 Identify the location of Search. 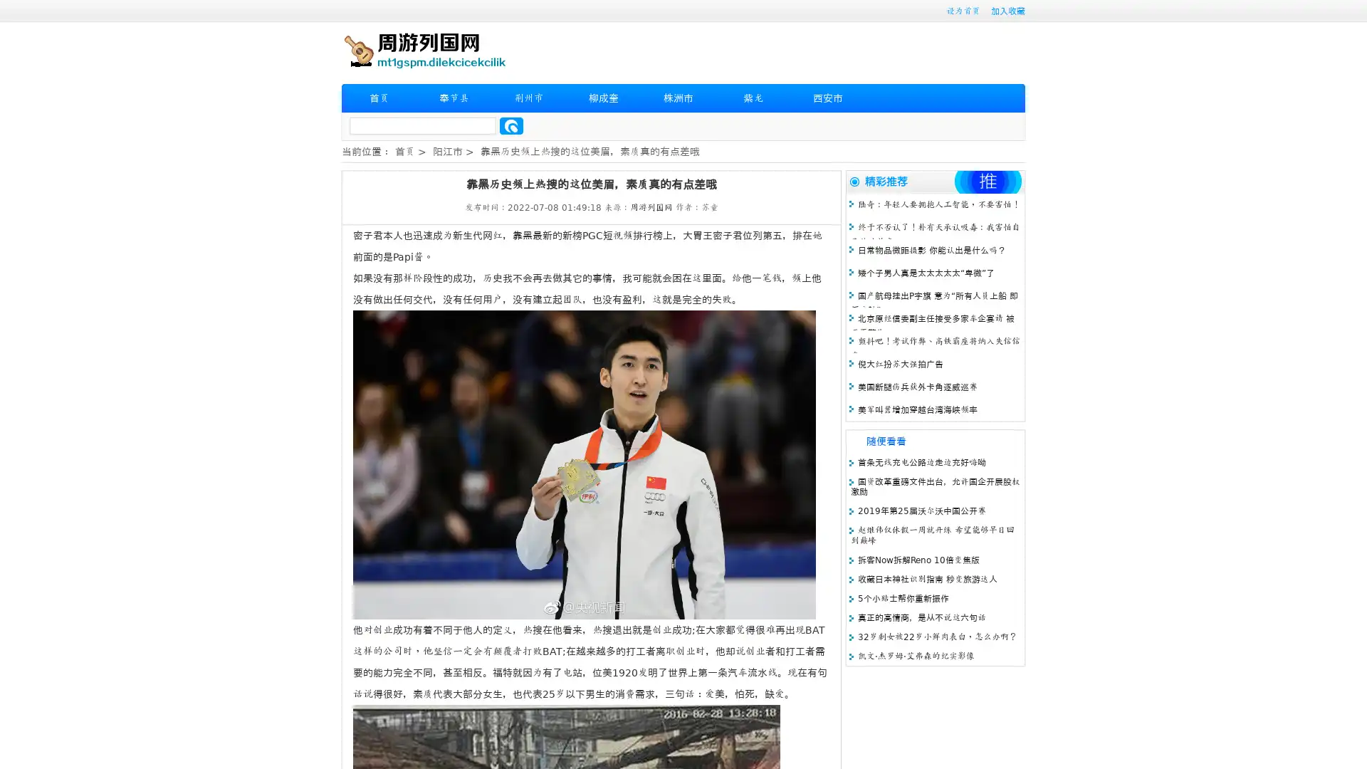
(511, 125).